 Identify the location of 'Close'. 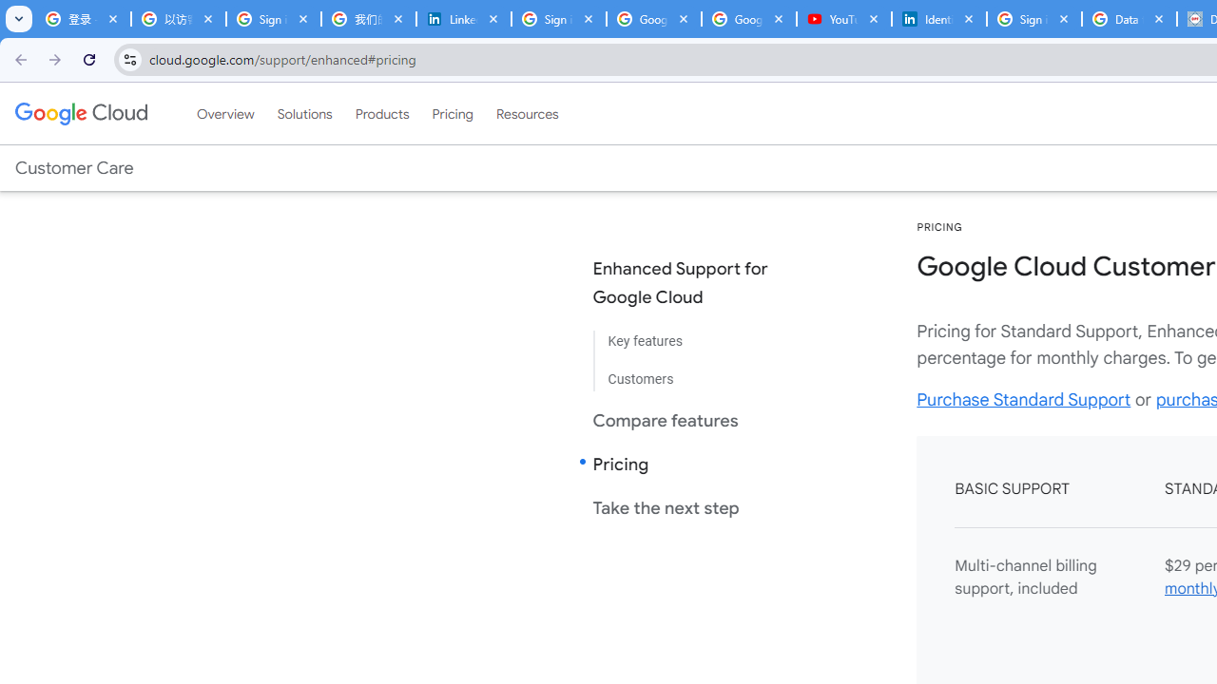
(1157, 18).